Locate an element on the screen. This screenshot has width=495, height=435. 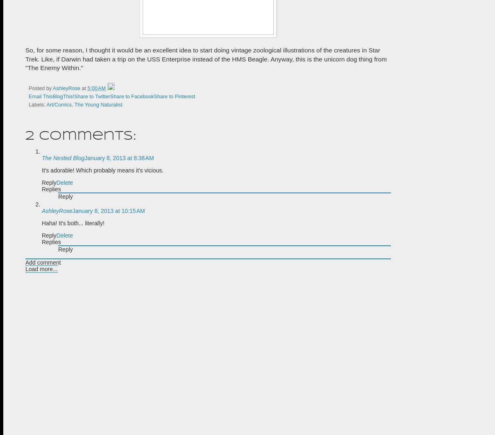
'Add comment' is located at coordinates (42, 263).